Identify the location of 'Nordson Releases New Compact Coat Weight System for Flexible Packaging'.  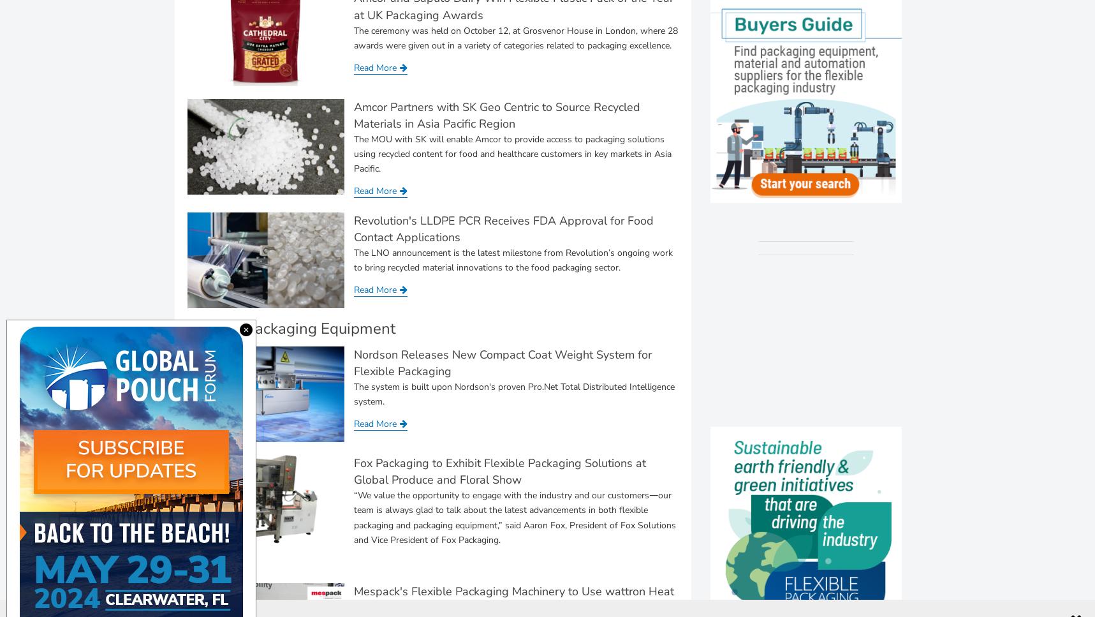
(502, 362).